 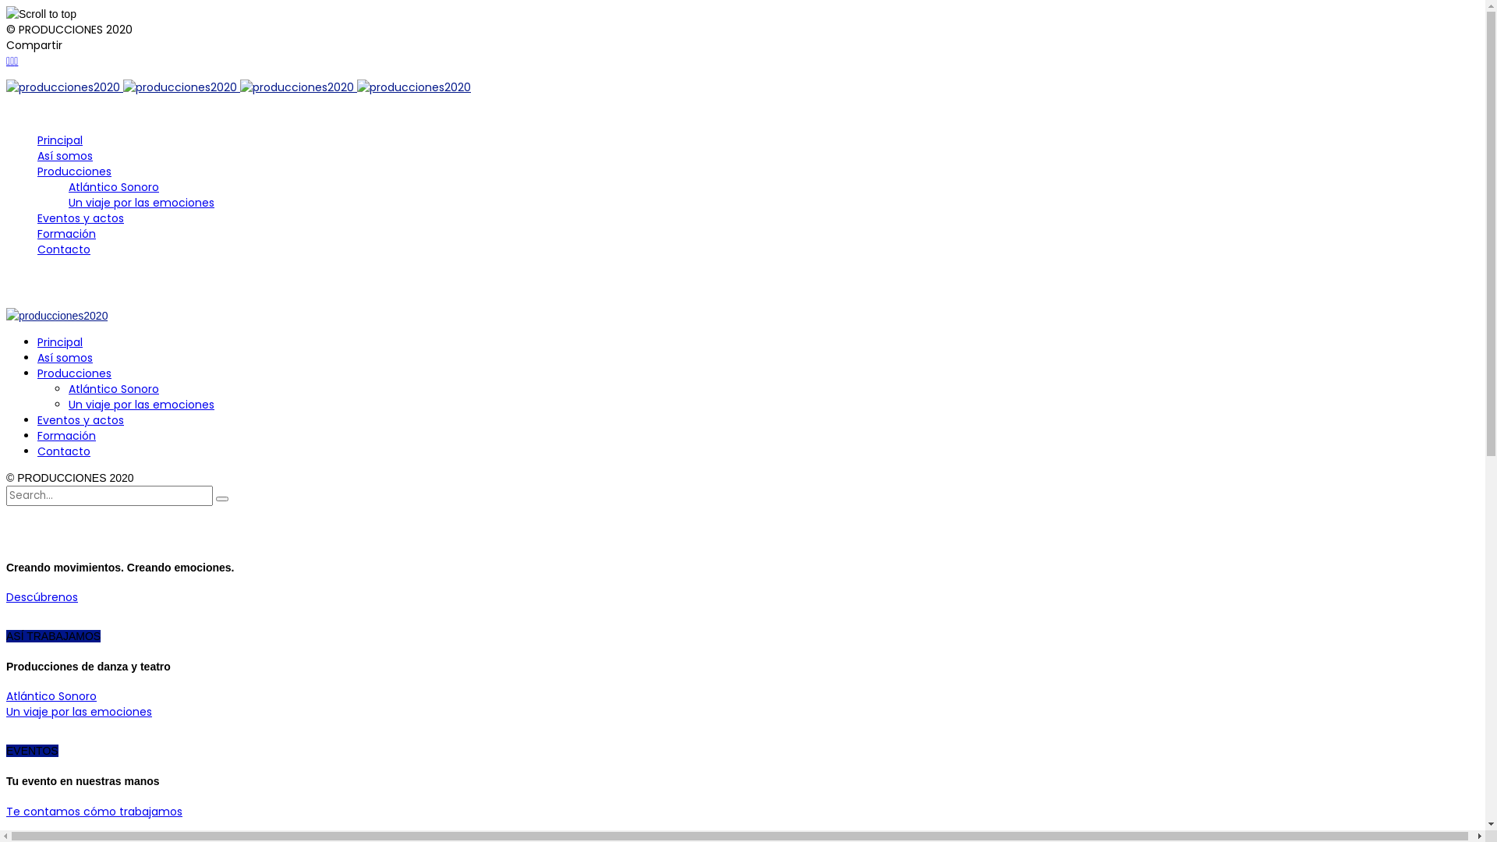 I want to click on 'Contacto', so click(x=62, y=249).